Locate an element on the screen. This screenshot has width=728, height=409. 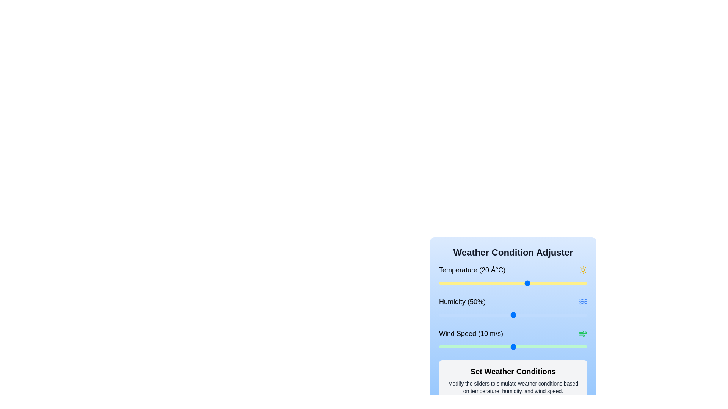
the wind speed slider to set the wind speed to 3 m/s is located at coordinates (461, 347).